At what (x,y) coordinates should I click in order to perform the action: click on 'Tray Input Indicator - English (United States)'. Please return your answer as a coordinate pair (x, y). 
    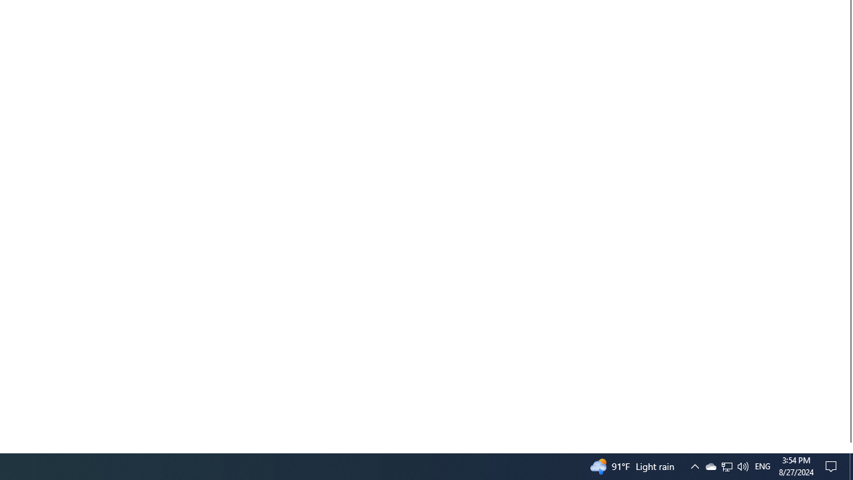
    Looking at the image, I should click on (762, 465).